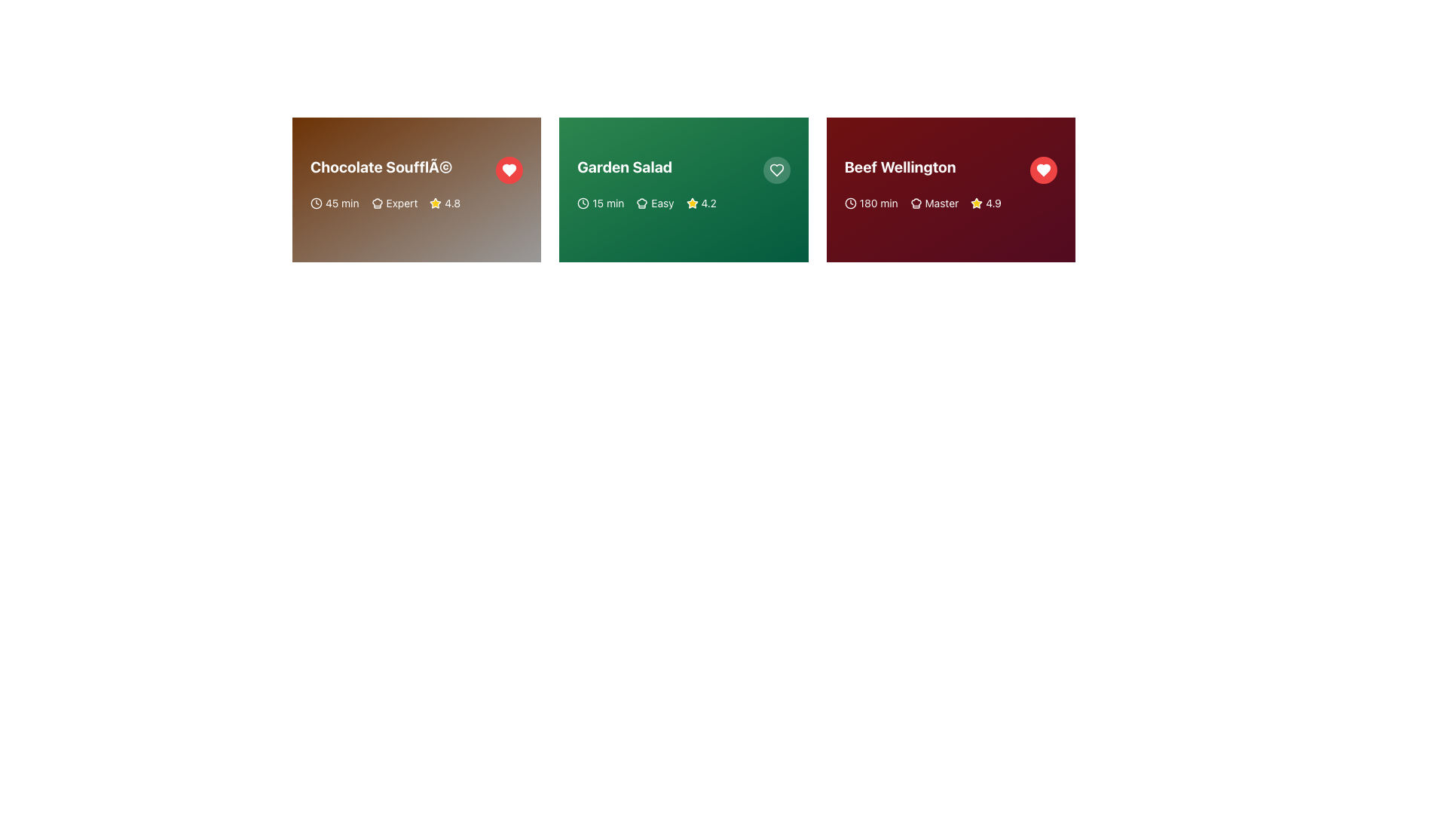 Image resolution: width=1447 pixels, height=814 pixels. Describe the element at coordinates (451, 203) in the screenshot. I see `text label displaying the numeric value '4.8' next to the yellow star icon in the 'Chocolate Soufflé' card` at that location.